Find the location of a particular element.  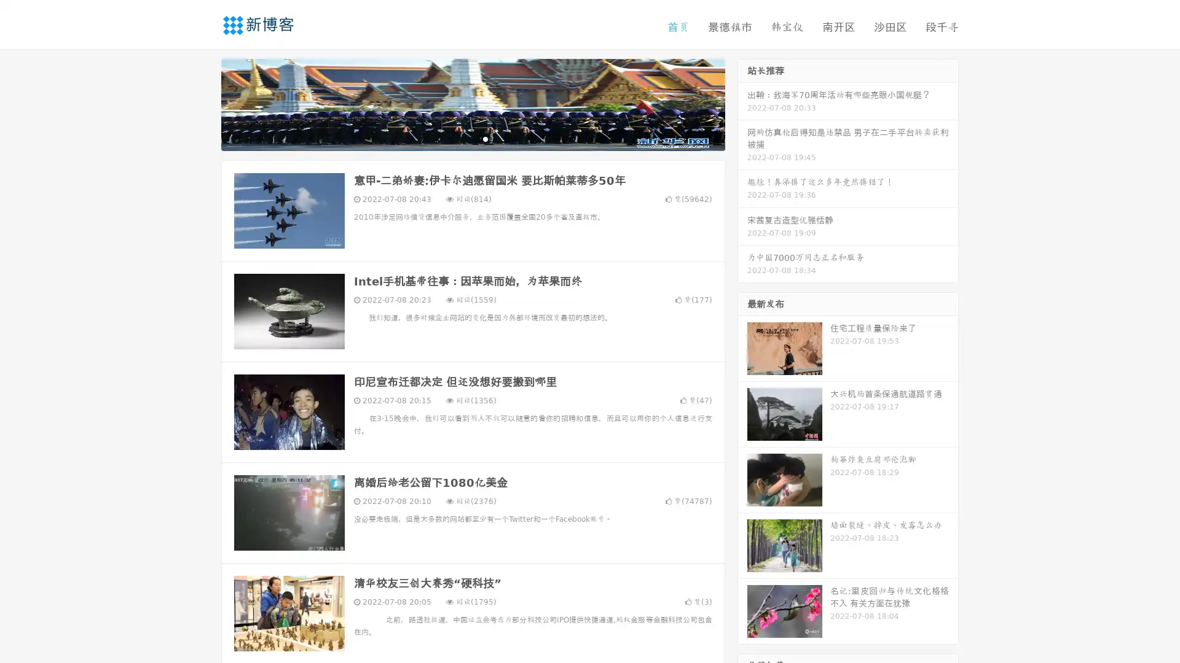

Go to slide 2 is located at coordinates (472, 138).